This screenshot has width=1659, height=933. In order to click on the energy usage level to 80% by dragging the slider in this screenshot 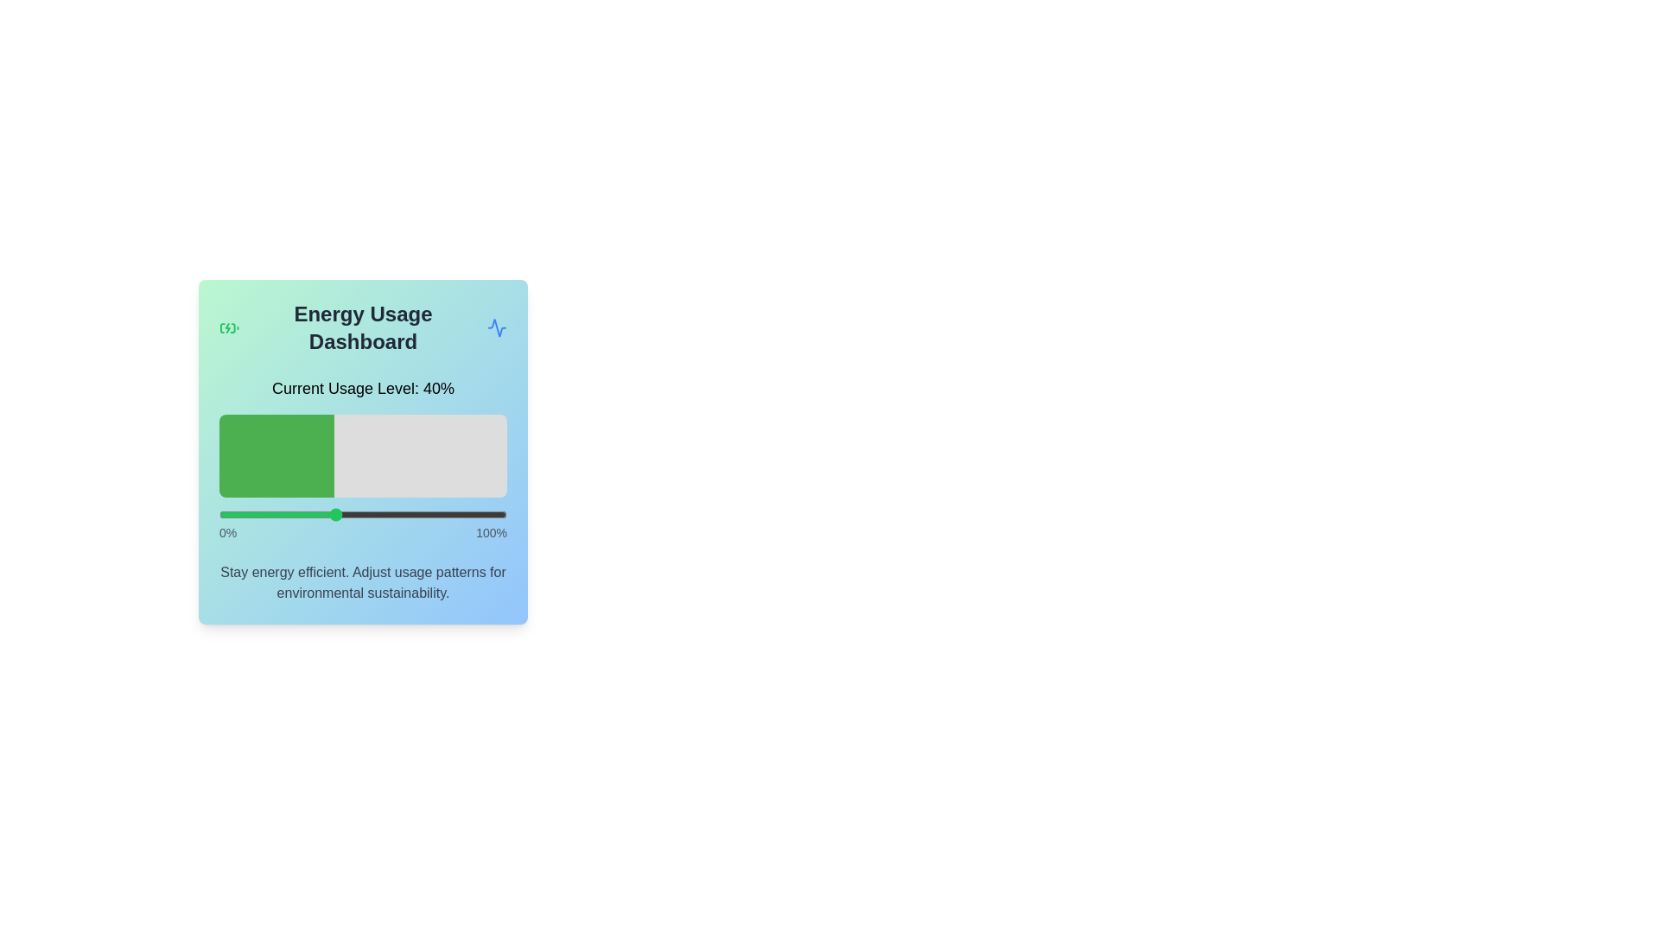, I will do `click(449, 514)`.